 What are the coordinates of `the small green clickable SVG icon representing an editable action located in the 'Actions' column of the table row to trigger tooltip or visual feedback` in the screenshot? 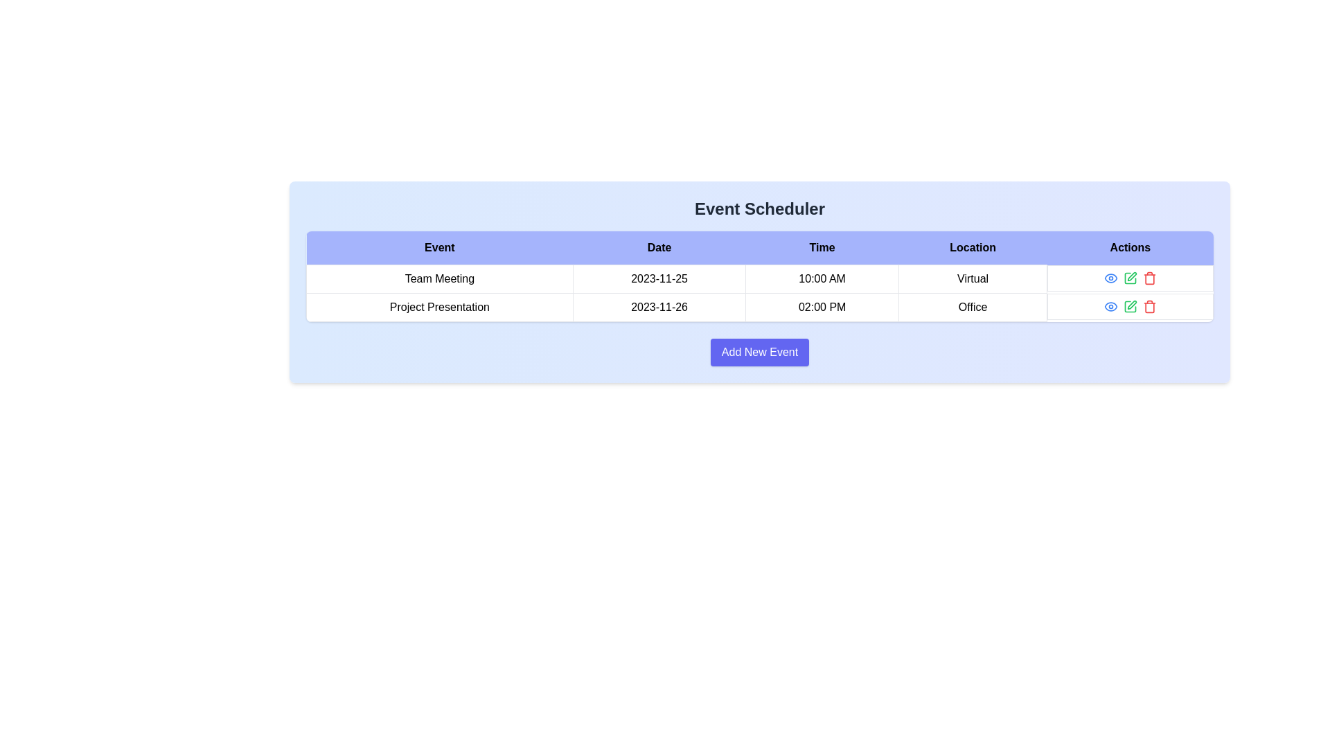 It's located at (1130, 305).